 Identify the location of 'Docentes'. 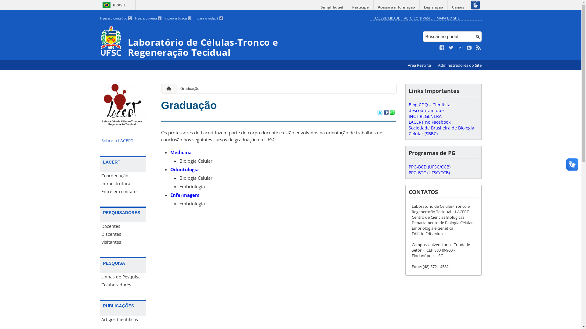
(123, 226).